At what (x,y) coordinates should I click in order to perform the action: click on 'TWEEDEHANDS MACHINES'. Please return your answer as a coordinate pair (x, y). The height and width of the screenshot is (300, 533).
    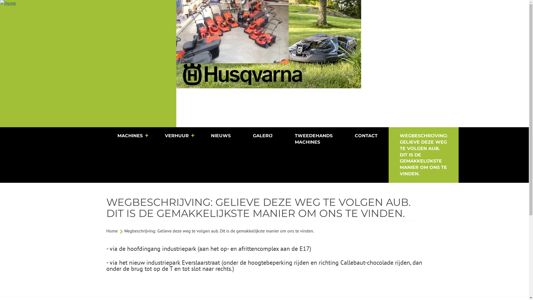
    Looking at the image, I should click on (284, 139).